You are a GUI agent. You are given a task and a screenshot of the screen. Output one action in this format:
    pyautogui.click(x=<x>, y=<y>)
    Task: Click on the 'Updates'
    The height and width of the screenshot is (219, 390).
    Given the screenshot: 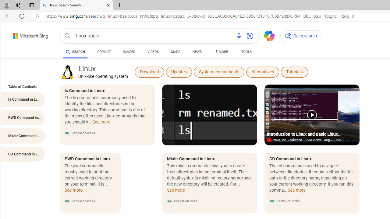 What is the action you would take?
    pyautogui.click(x=179, y=71)
    